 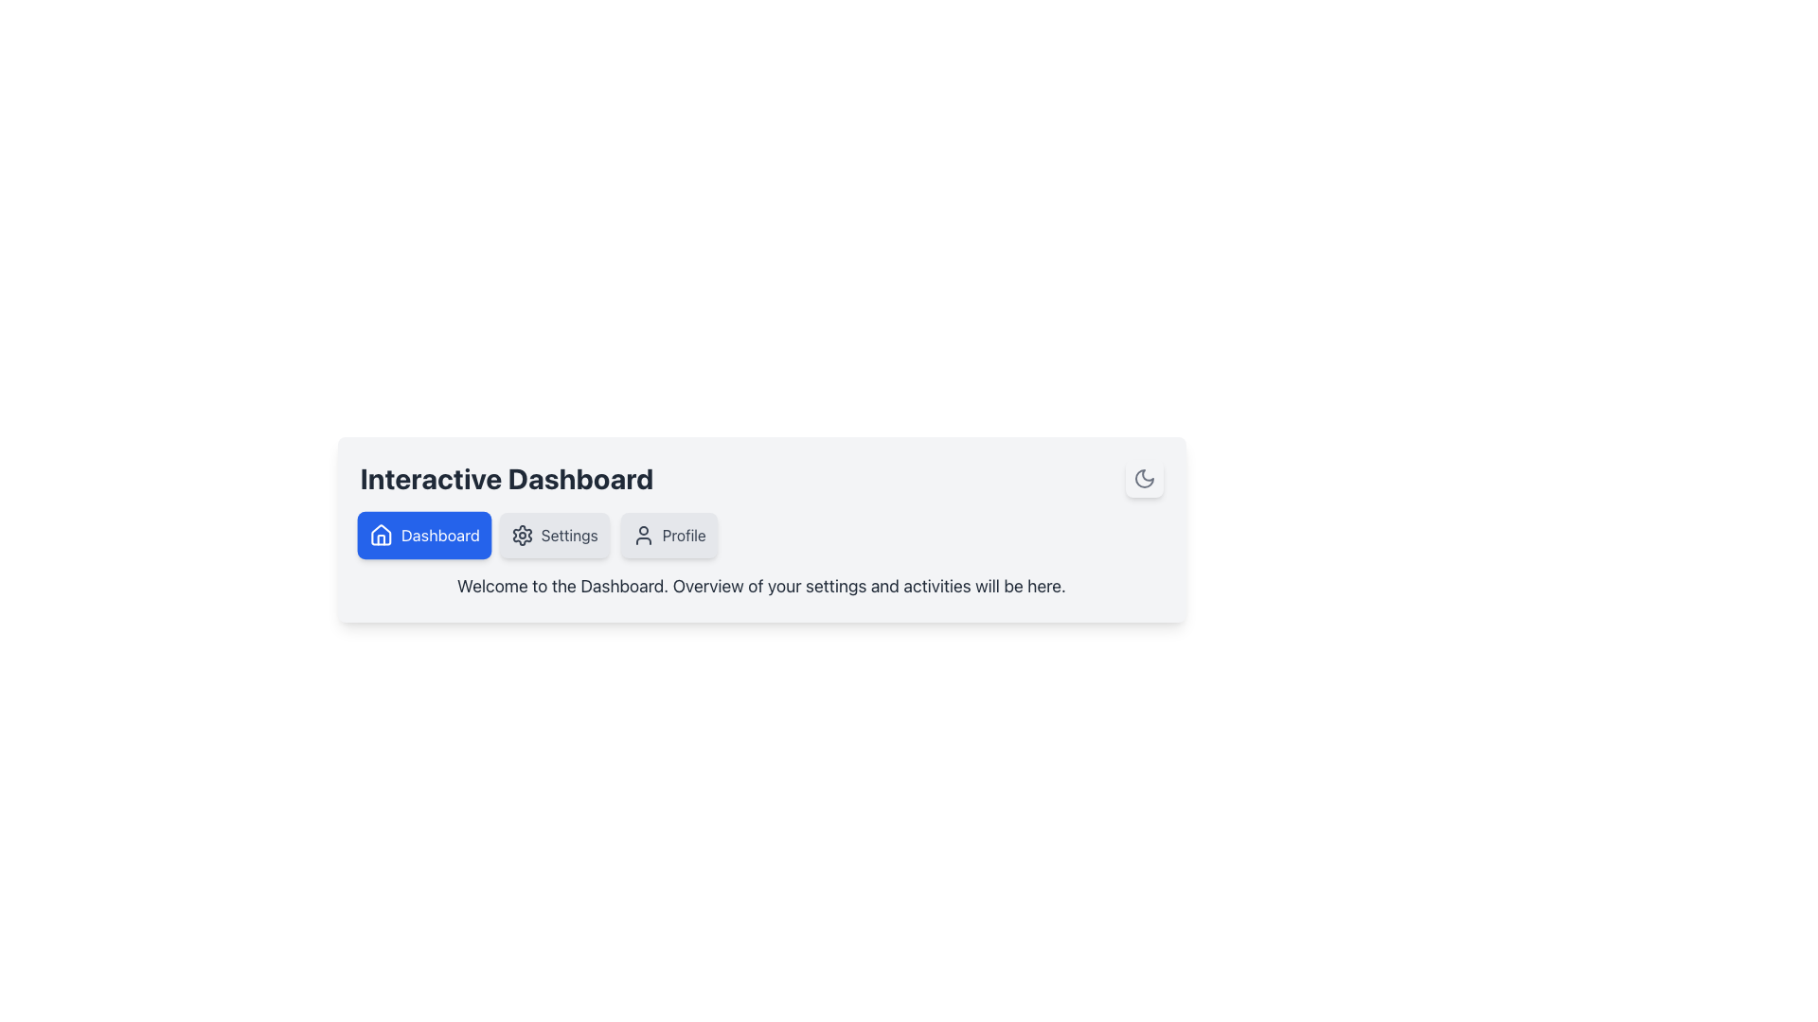 What do you see at coordinates (423, 536) in the screenshot?
I see `the vibrant blue rectangular button labeled 'Dashboard'` at bounding box center [423, 536].